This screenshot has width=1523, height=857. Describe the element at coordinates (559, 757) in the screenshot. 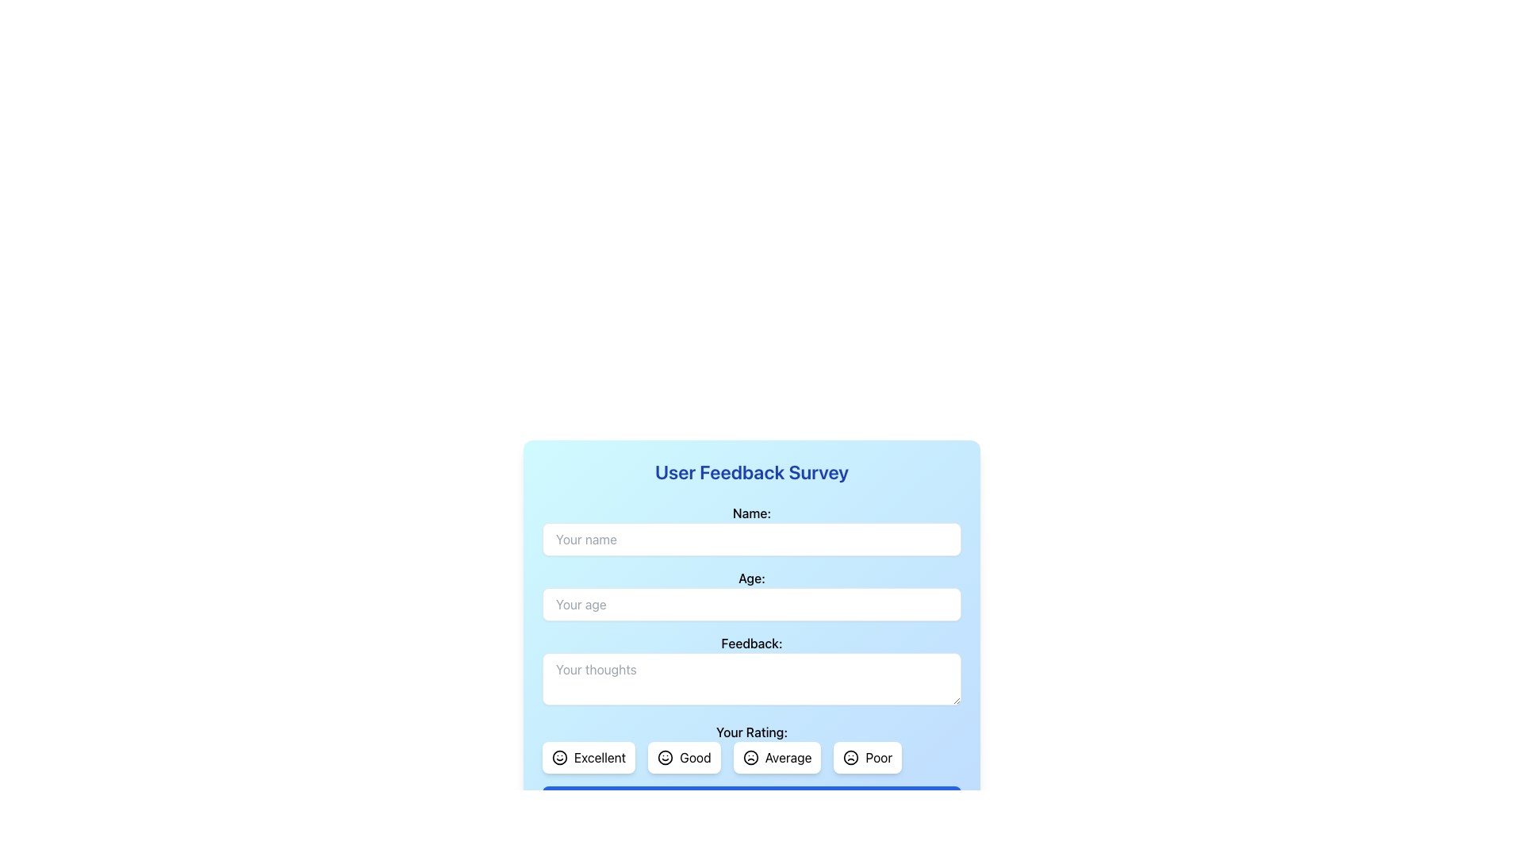

I see `the minimalist SVG smiley emoji icon located inside the 'Excellent' button` at that location.